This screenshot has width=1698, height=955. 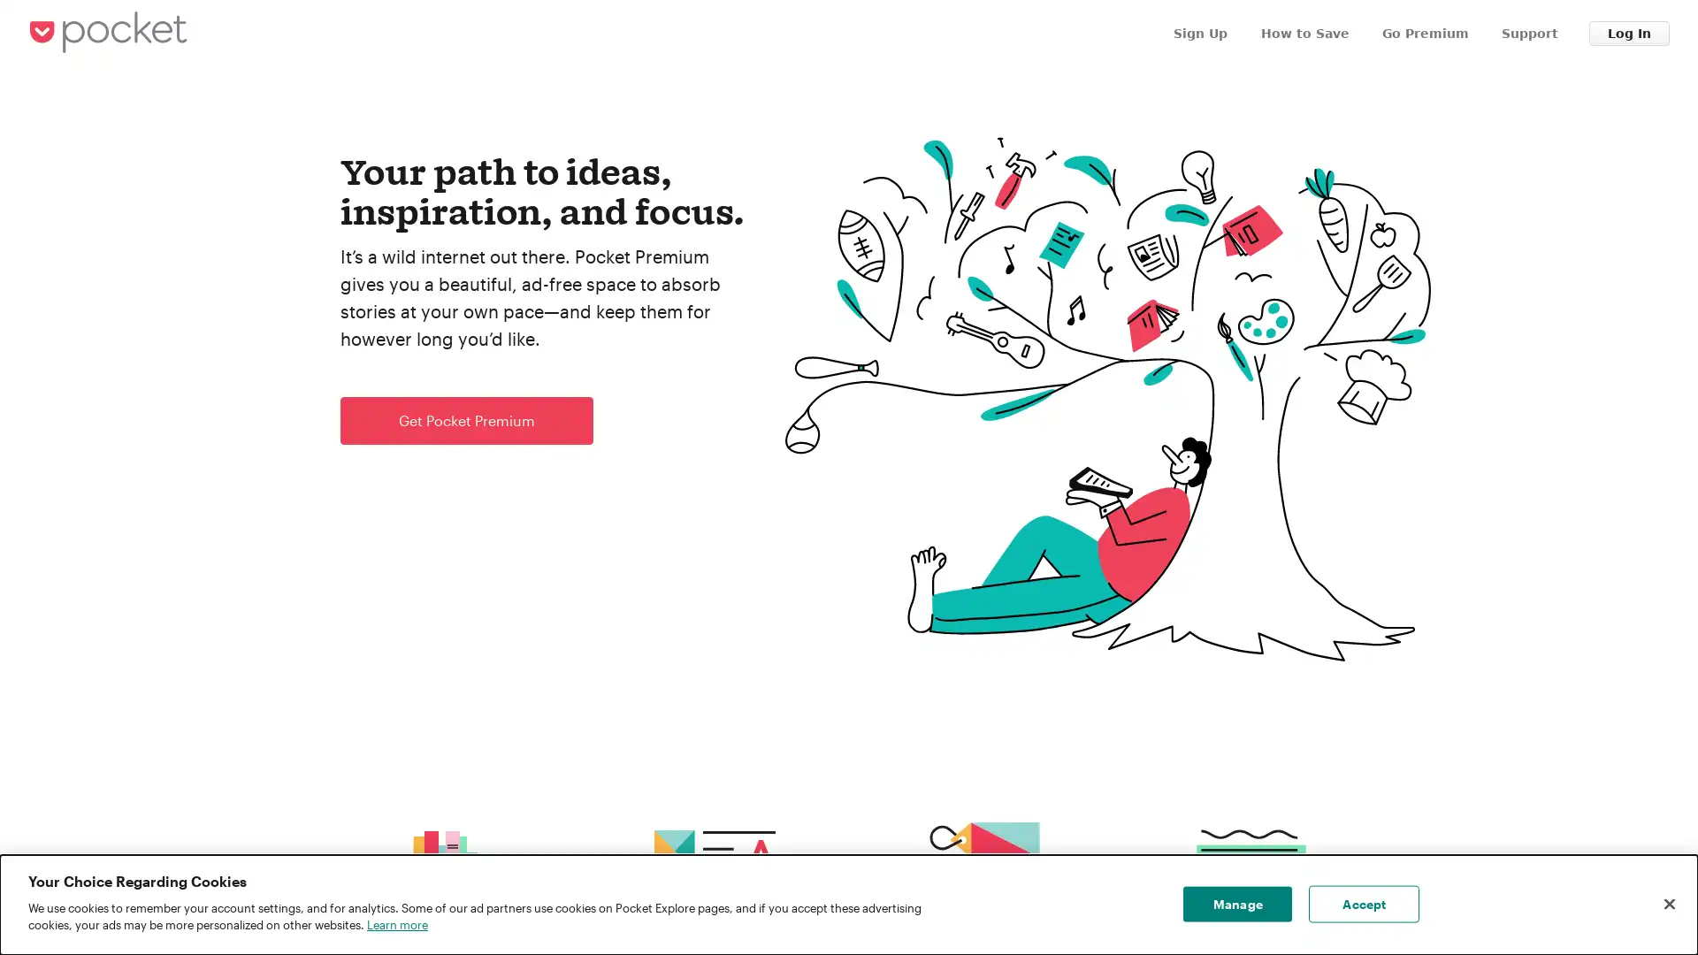 I want to click on Close, so click(x=1668, y=904).